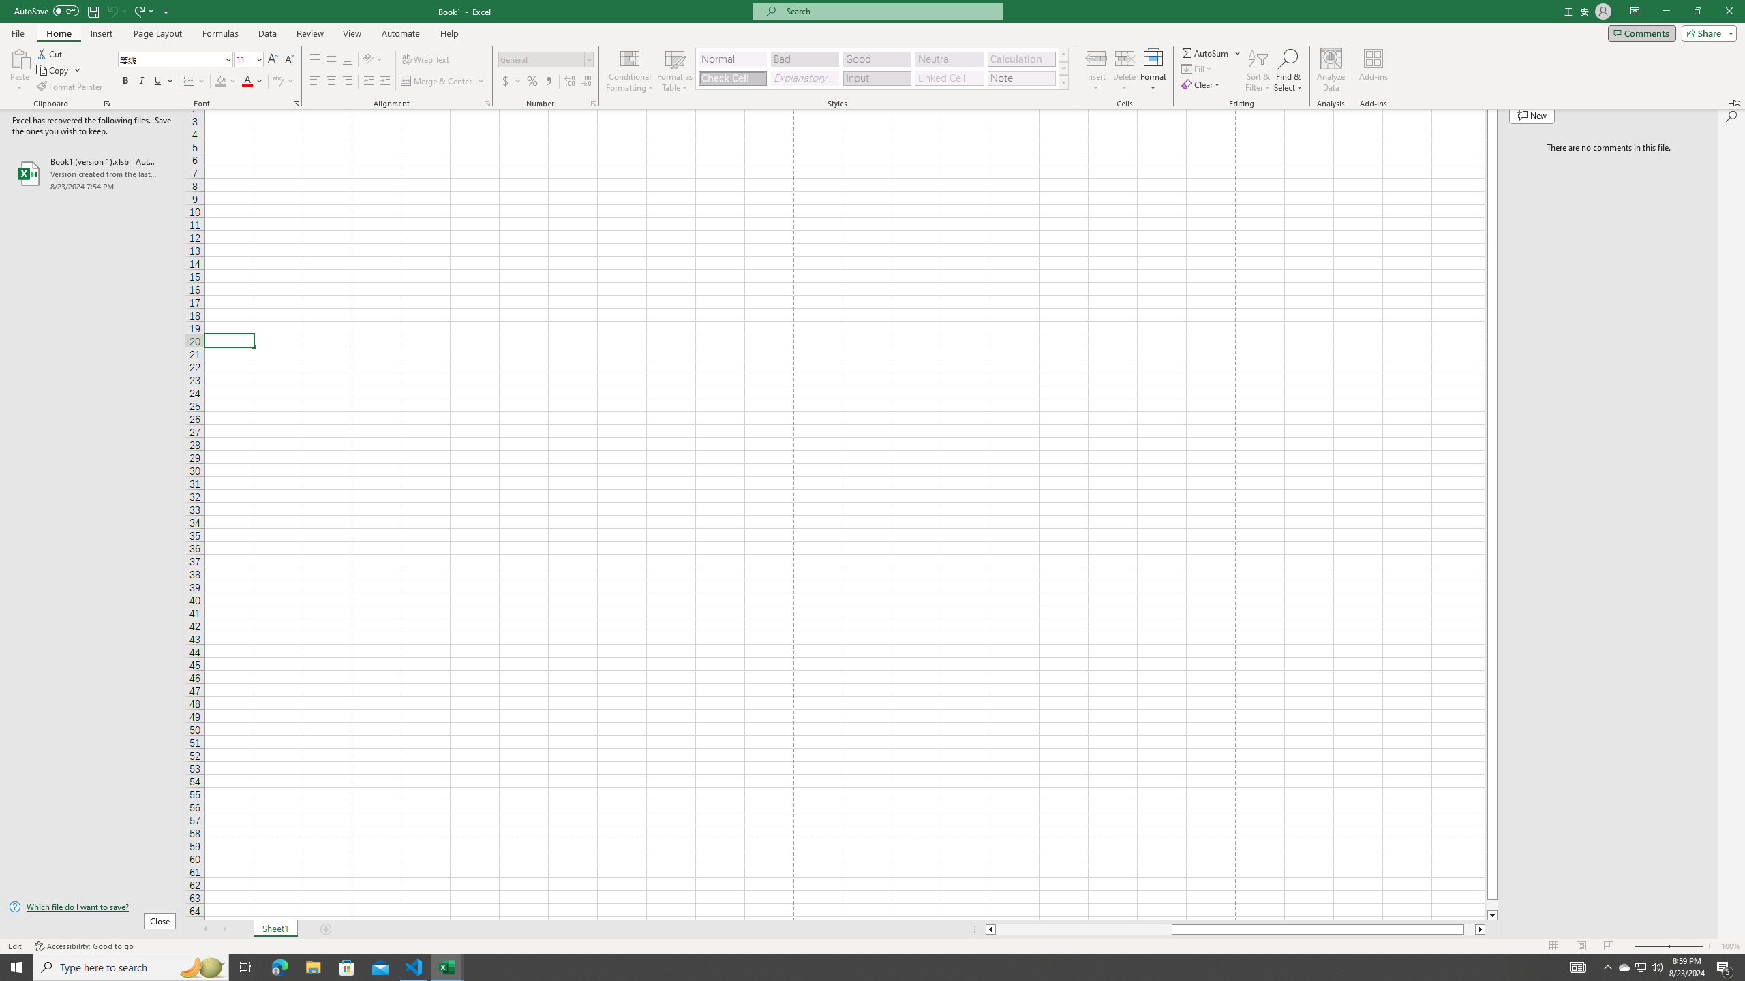 The image size is (1745, 981). I want to click on 'Start', so click(16, 966).